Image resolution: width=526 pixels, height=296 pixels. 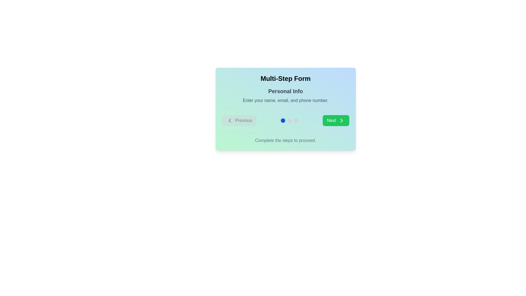 What do you see at coordinates (341, 120) in the screenshot?
I see `the forward navigation icon located at the right end of the 'Next' button in the lower right section of the card` at bounding box center [341, 120].